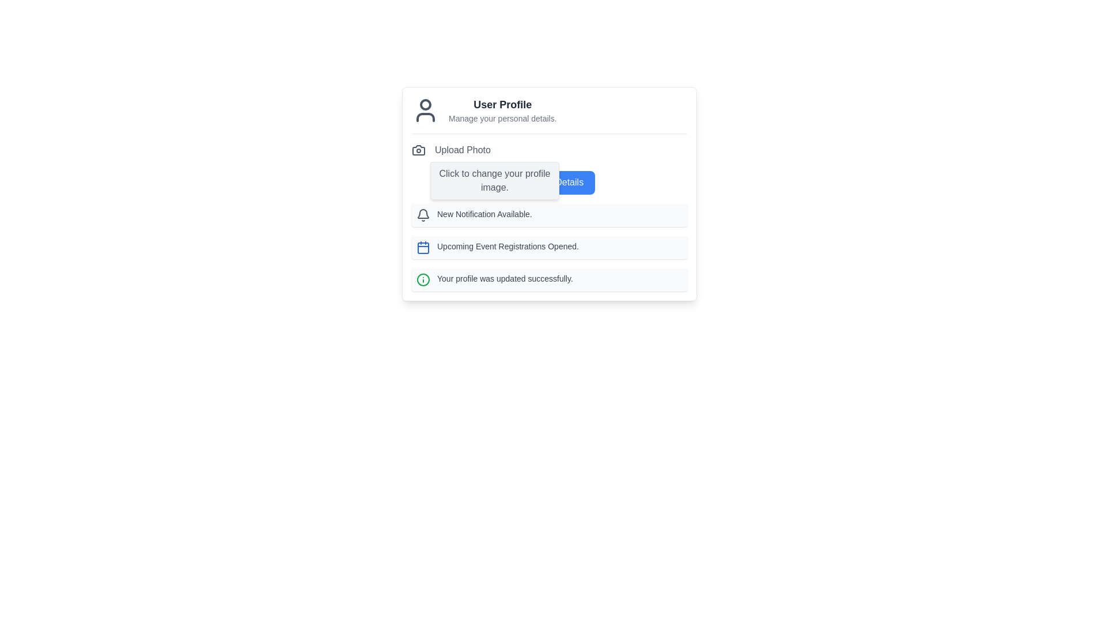 Image resolution: width=1106 pixels, height=622 pixels. What do you see at coordinates (549, 246) in the screenshot?
I see `the Notification Section located at the bottom of the User Profile card, which contains updates or notifications organized vertically into three subsections` at bounding box center [549, 246].